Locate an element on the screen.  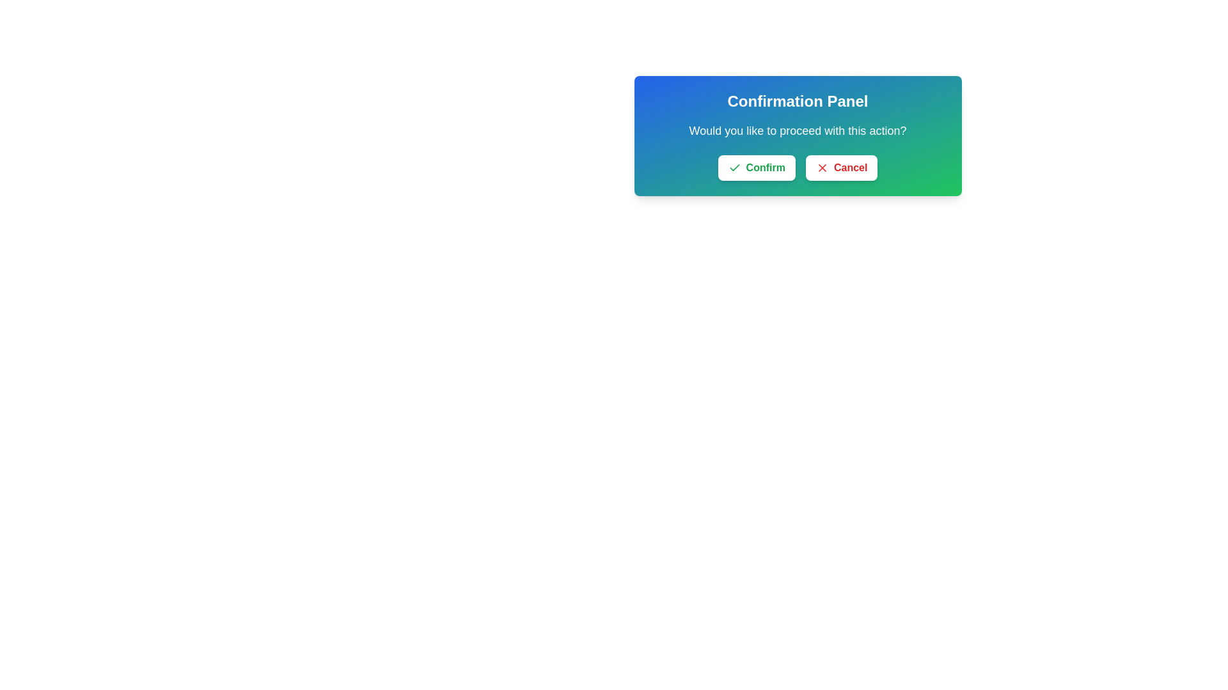
the close icon represented by a red 'X' inside the 'Cancel' button, located adjacent to its text label on the right side of the interface is located at coordinates (823, 167).